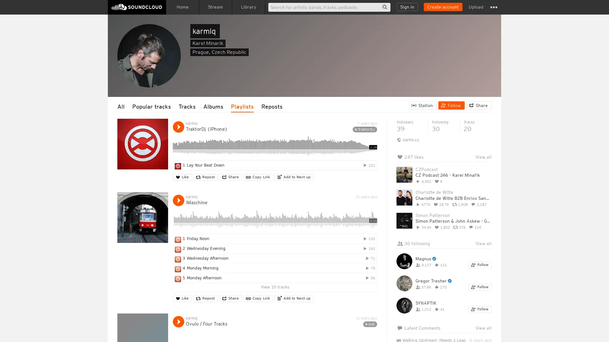  What do you see at coordinates (294, 177) in the screenshot?
I see `Add to Next up` at bounding box center [294, 177].